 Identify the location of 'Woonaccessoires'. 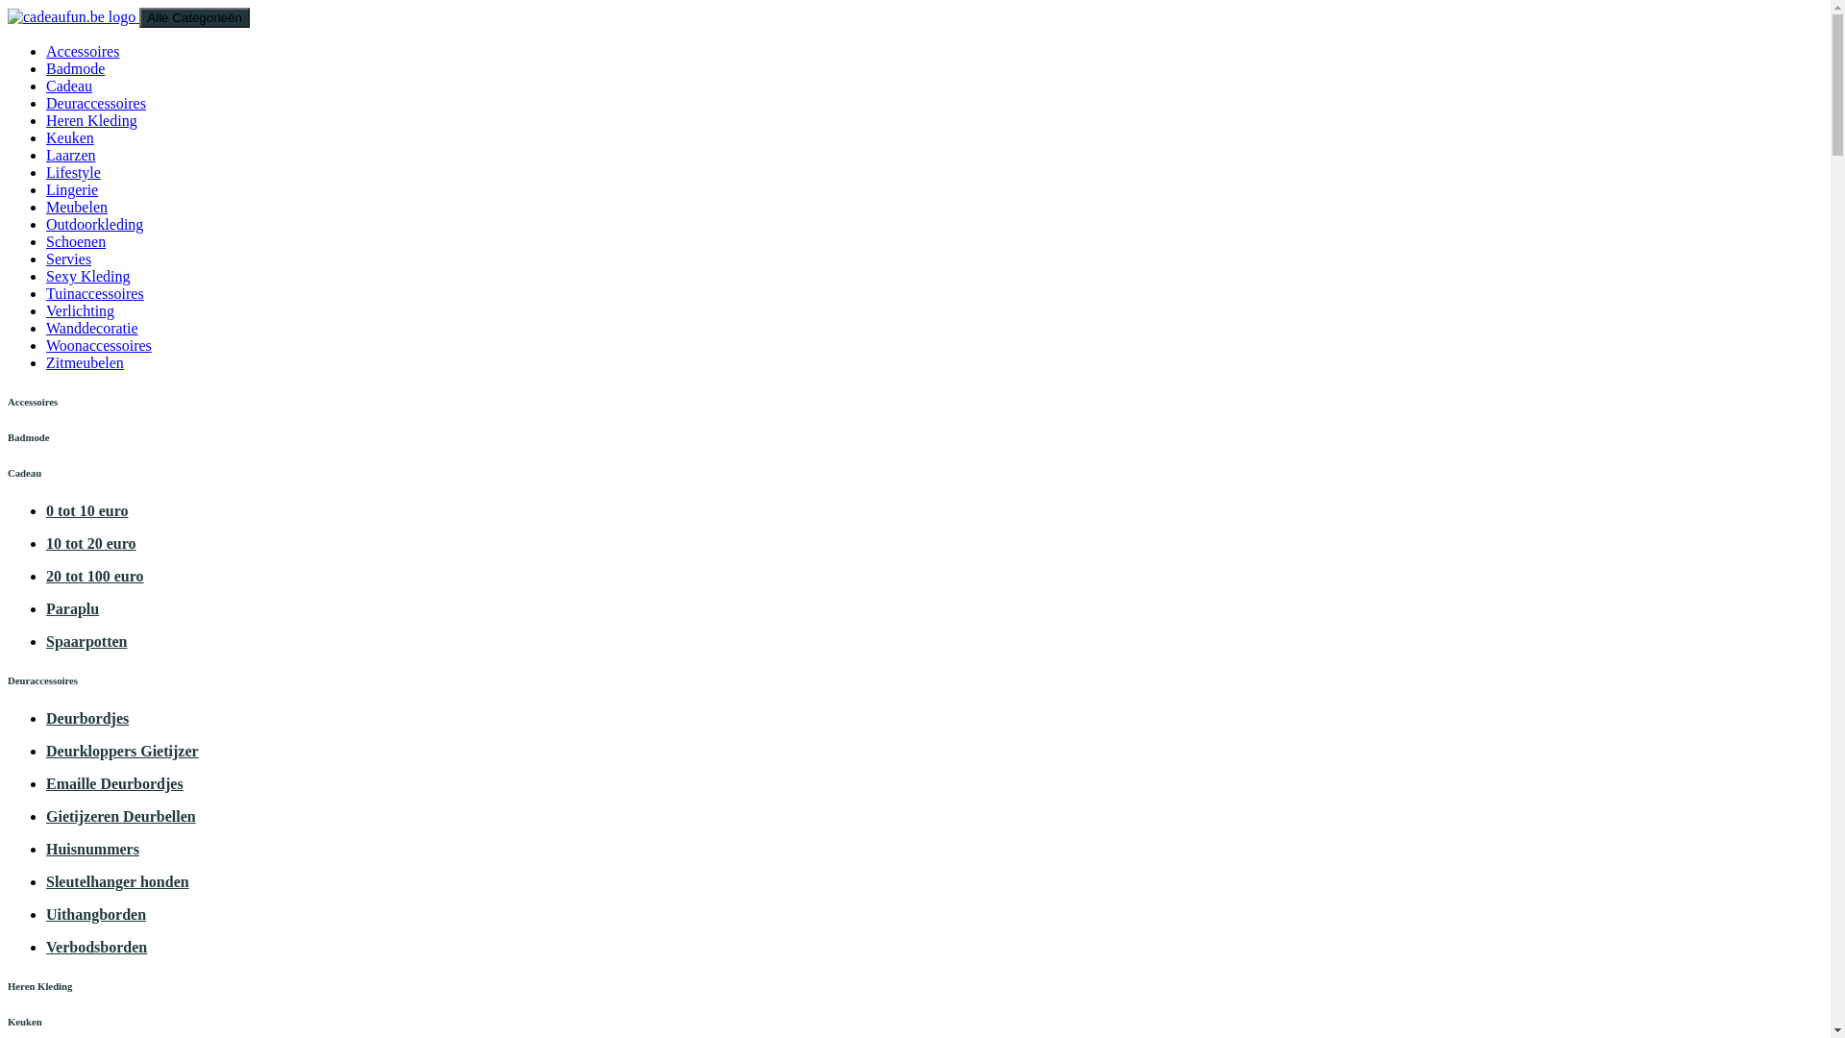
(97, 344).